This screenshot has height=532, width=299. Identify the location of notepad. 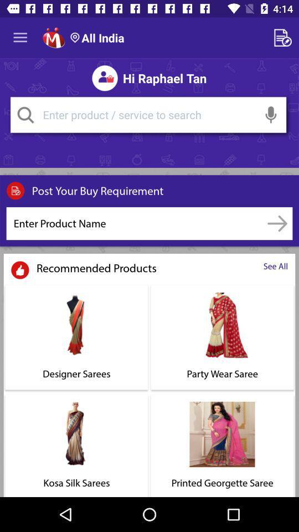
(285, 38).